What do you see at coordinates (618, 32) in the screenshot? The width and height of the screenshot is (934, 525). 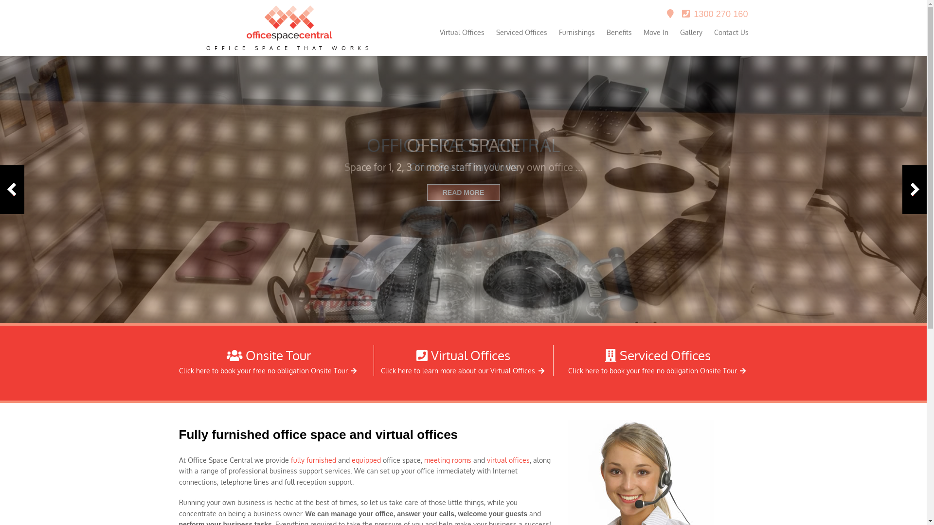 I see `'Benefits'` at bounding box center [618, 32].